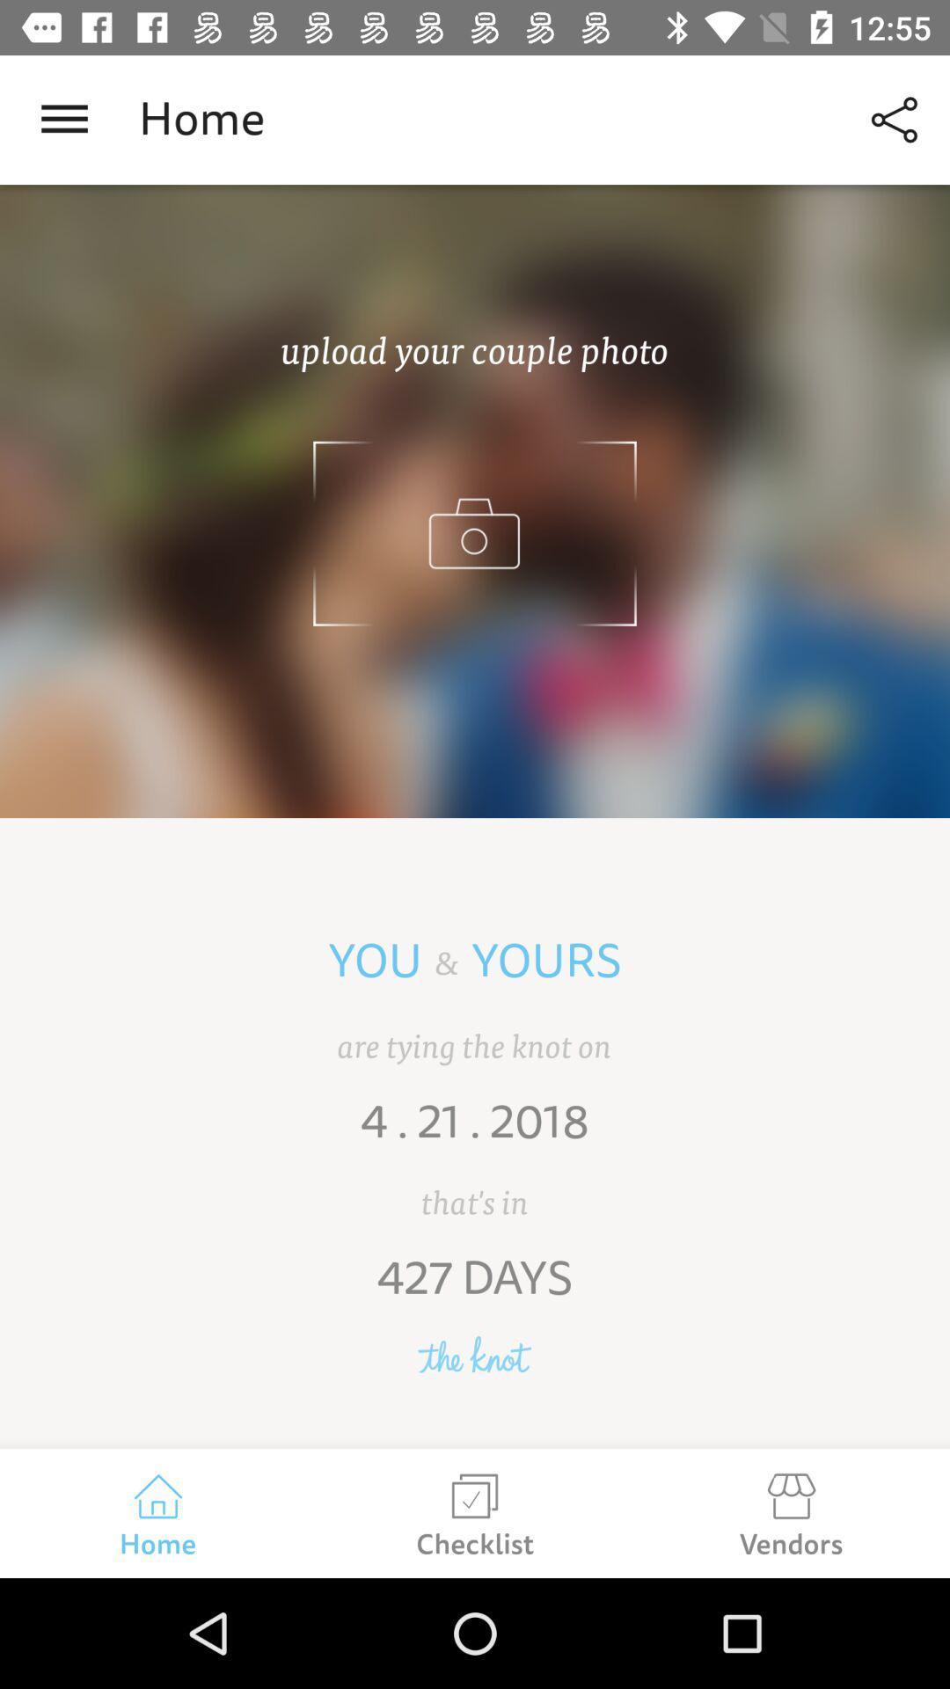  I want to click on item below that's in item, so click(475, 1291).